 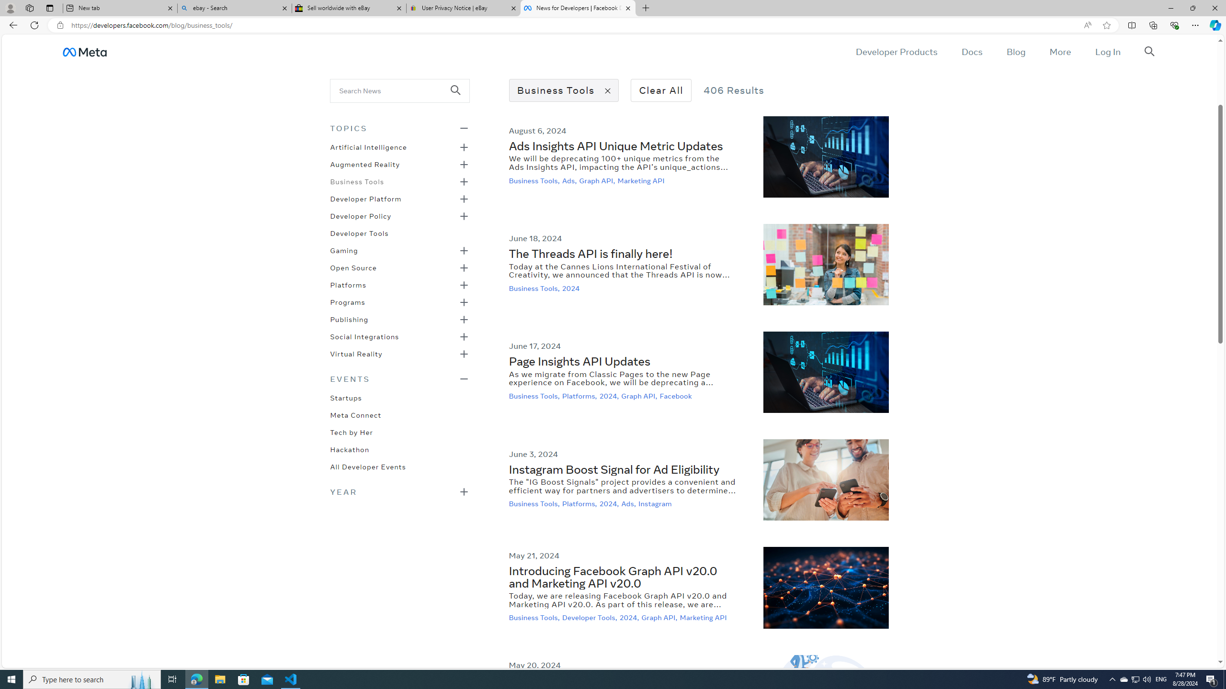 I want to click on 'Developer Tools,', so click(x=590, y=617).